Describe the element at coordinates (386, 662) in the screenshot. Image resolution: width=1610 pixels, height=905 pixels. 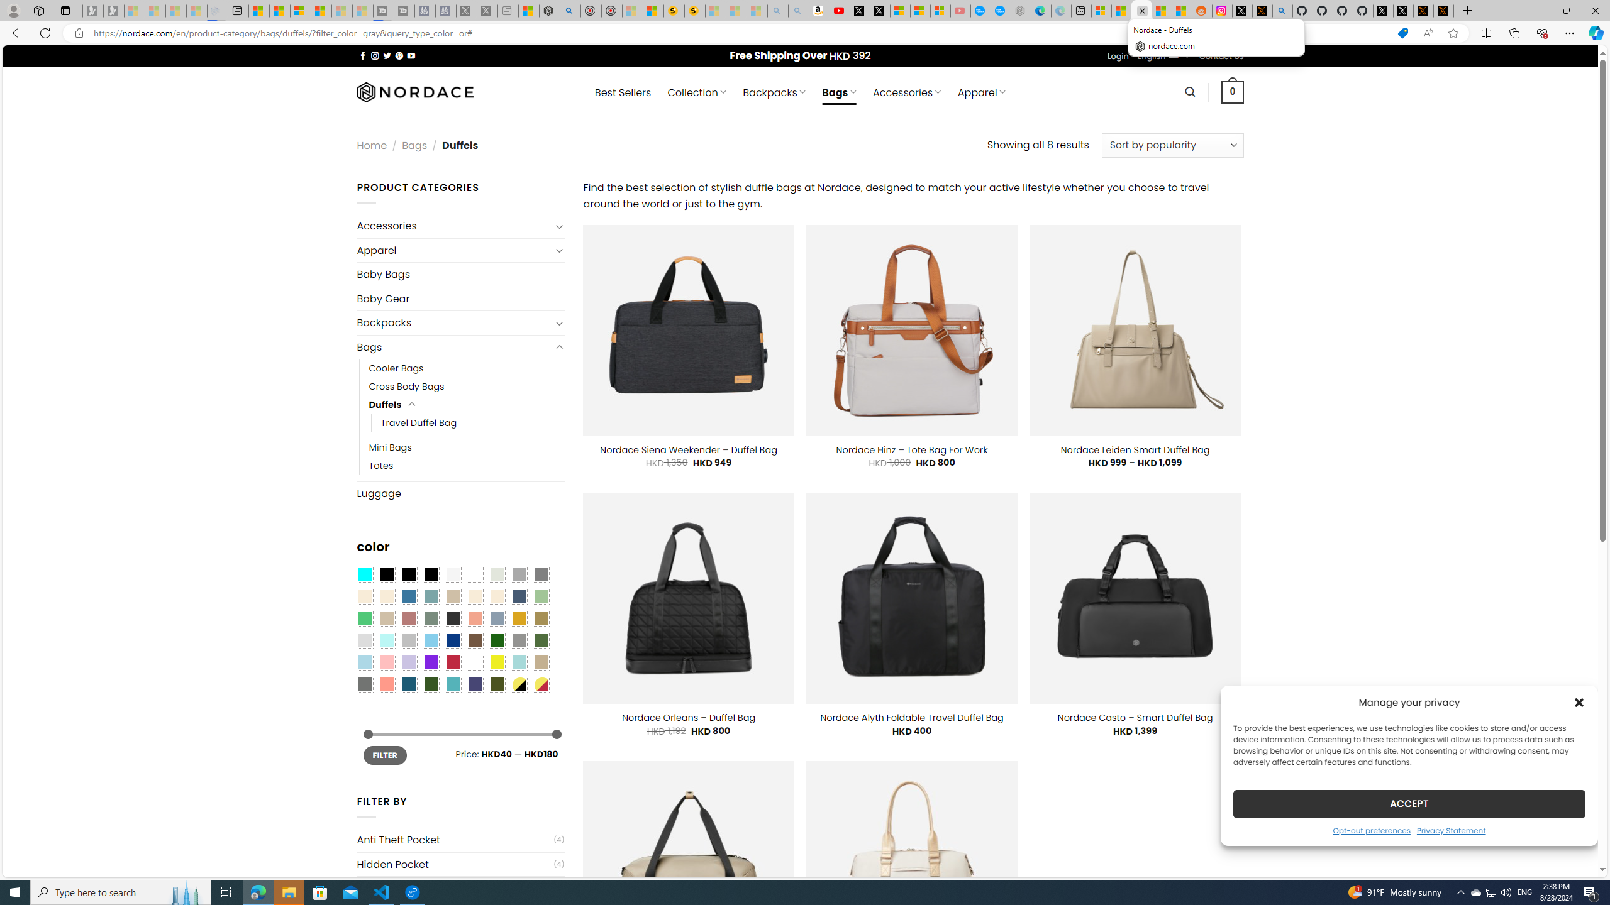
I see `'Pink'` at that location.